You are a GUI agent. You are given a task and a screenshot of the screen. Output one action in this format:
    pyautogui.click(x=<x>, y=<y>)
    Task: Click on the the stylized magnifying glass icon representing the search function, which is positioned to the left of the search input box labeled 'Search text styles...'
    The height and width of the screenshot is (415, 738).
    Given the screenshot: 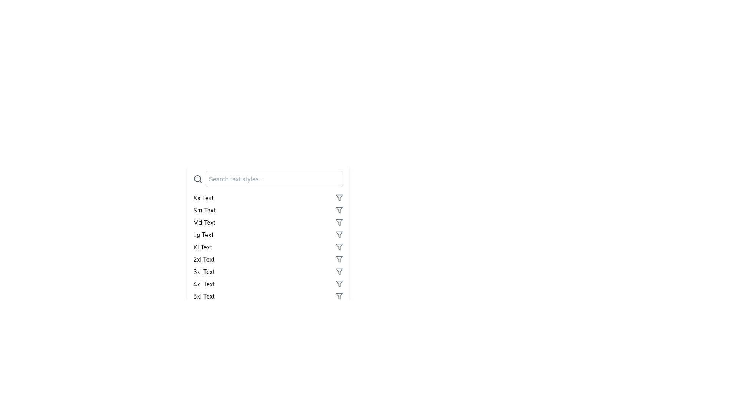 What is the action you would take?
    pyautogui.click(x=198, y=179)
    